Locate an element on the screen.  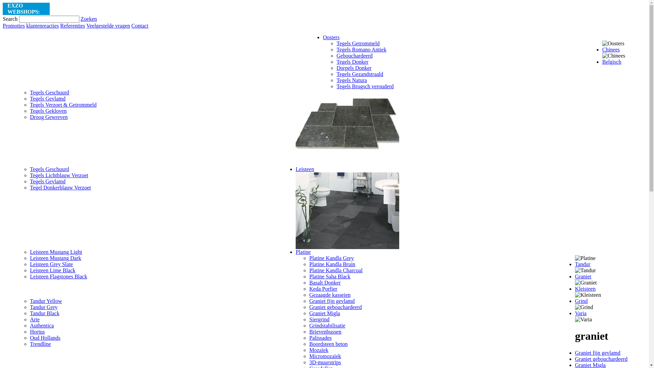
'Arte' is located at coordinates (34, 319).